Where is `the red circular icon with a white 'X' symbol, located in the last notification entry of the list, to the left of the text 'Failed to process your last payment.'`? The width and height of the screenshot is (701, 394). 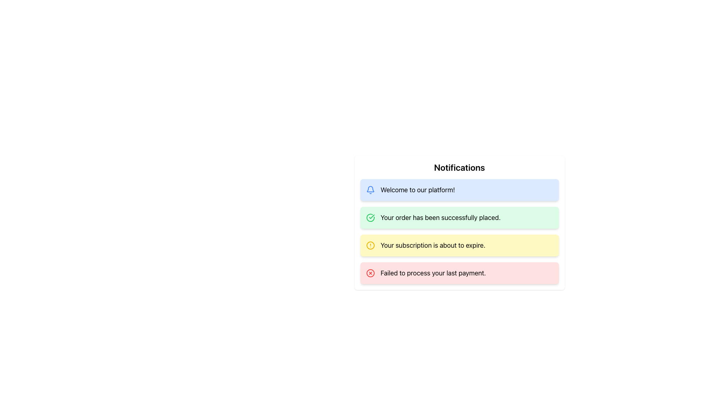 the red circular icon with a white 'X' symbol, located in the last notification entry of the list, to the left of the text 'Failed to process your last payment.' is located at coordinates (370, 273).